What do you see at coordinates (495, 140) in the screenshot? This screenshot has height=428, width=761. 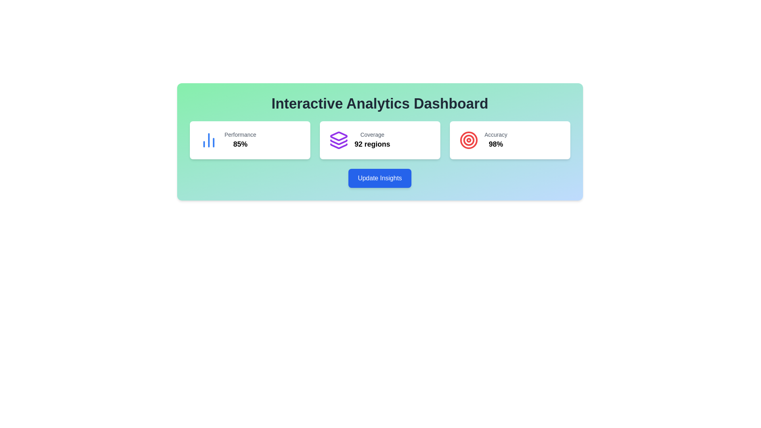 I see `the informational label displaying 'Accuracy' and '98%' located in the rightmost card of the layout` at bounding box center [495, 140].